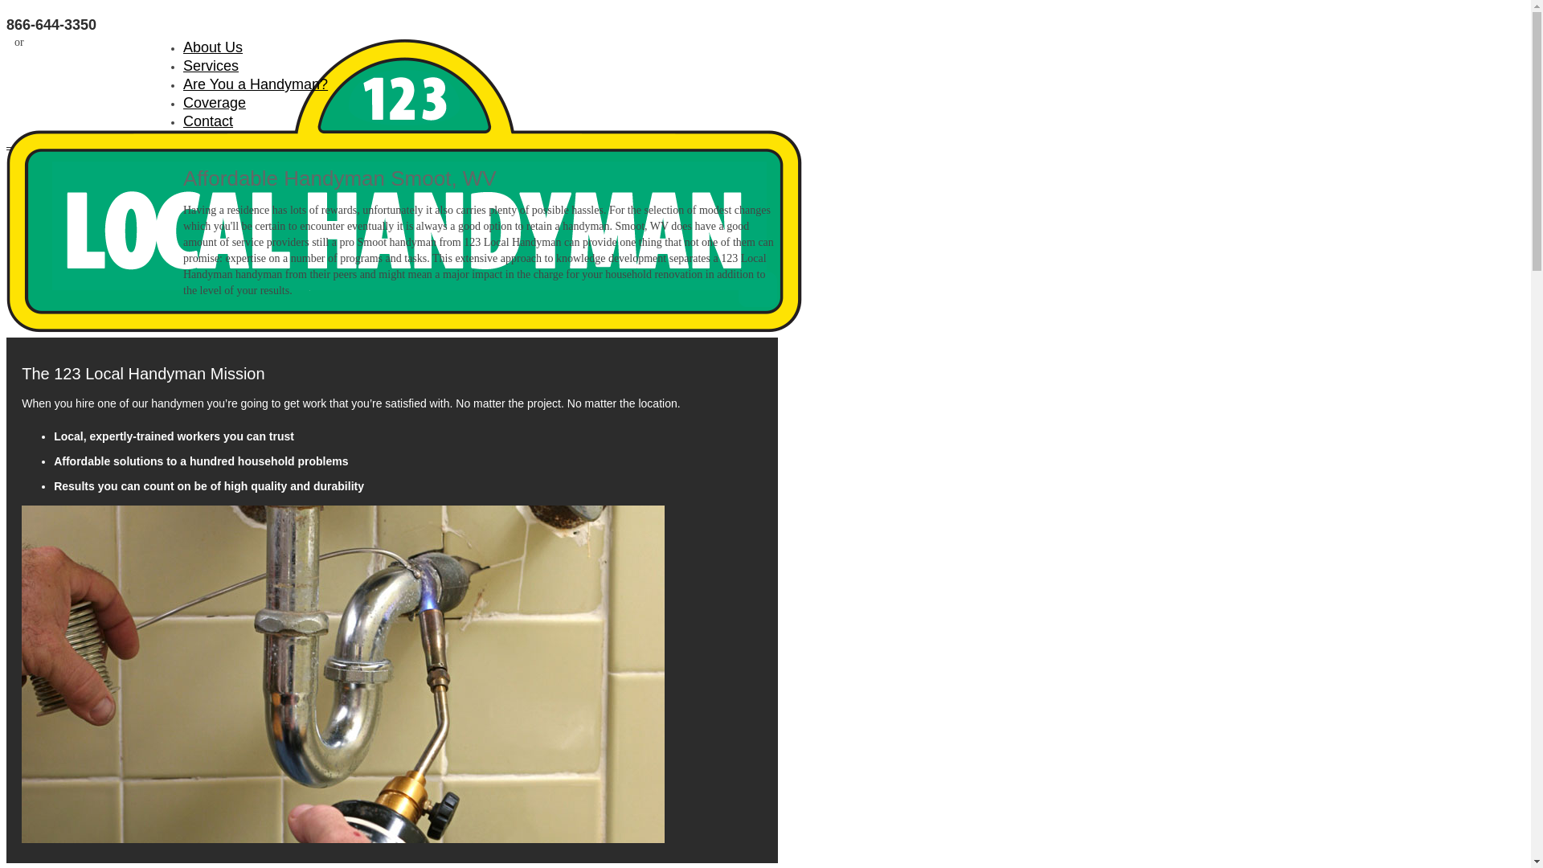 The width and height of the screenshot is (1543, 868). What do you see at coordinates (214, 102) in the screenshot?
I see `'Coverage'` at bounding box center [214, 102].